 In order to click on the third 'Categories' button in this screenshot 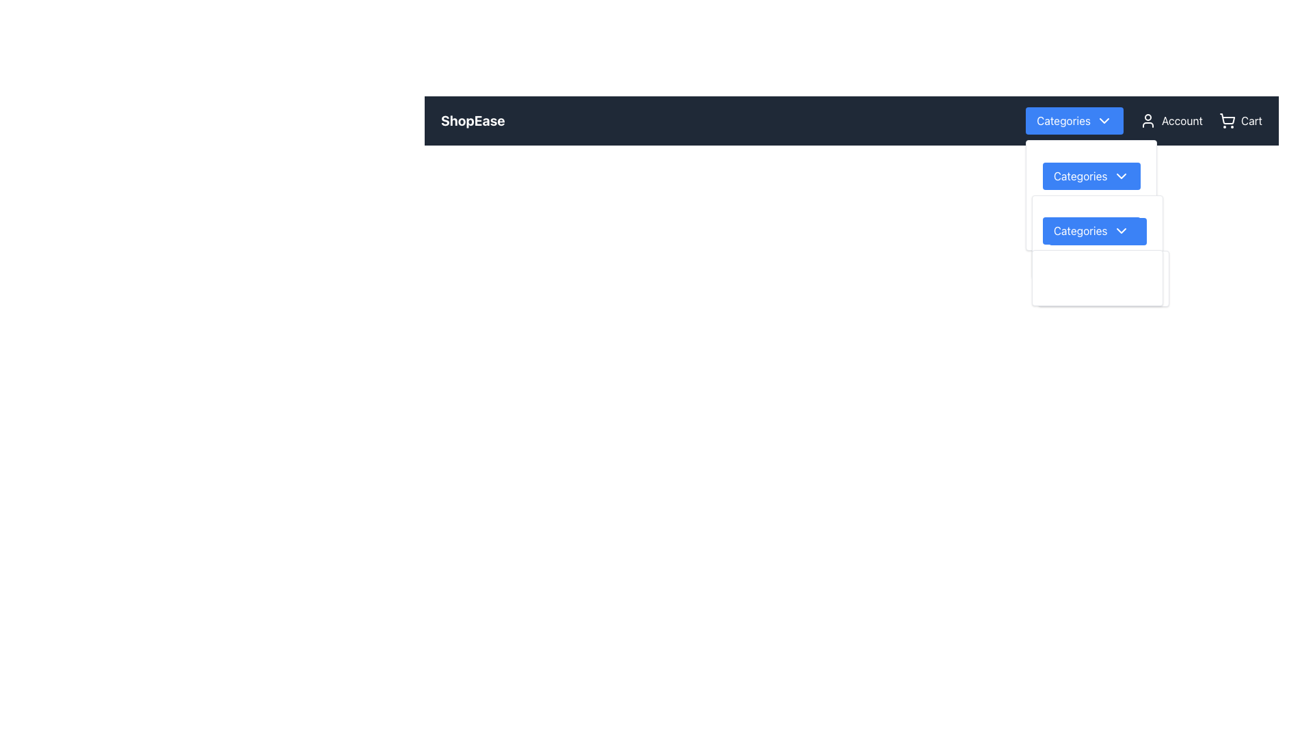, I will do `click(1098, 231)`.